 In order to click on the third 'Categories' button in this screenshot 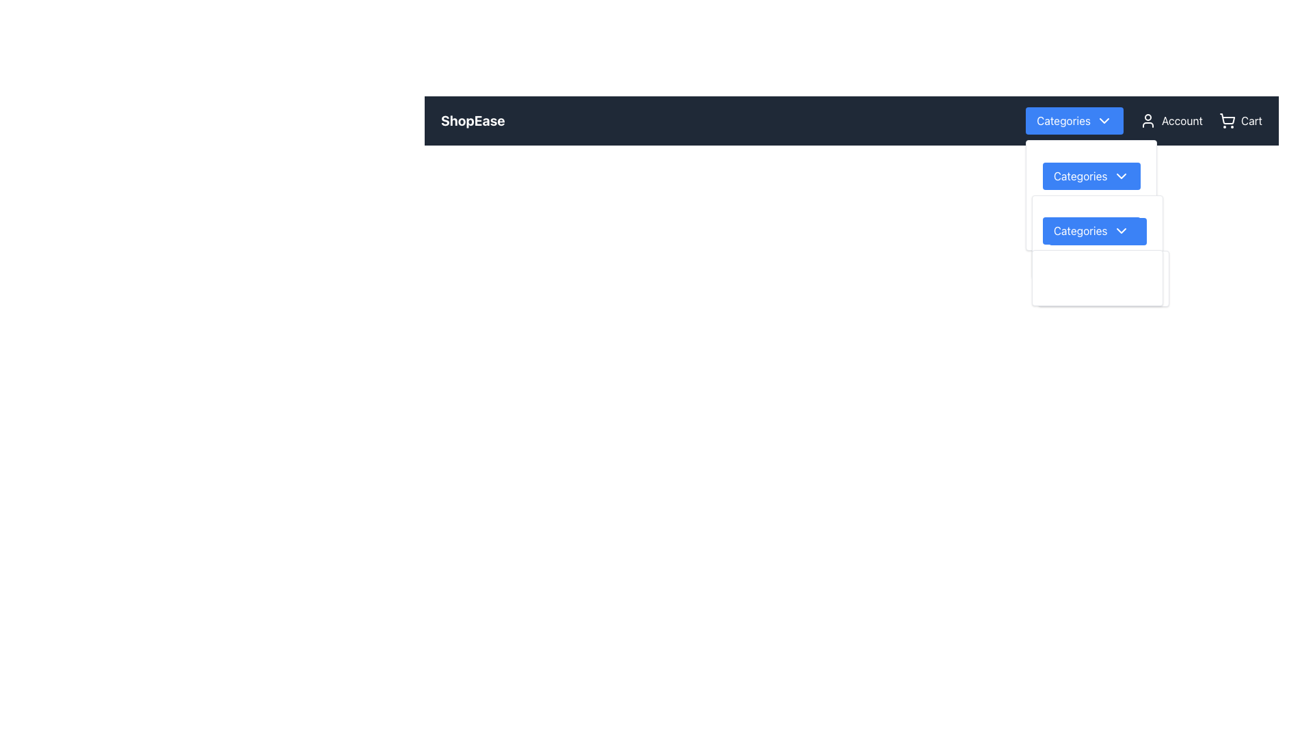, I will do `click(1098, 231)`.